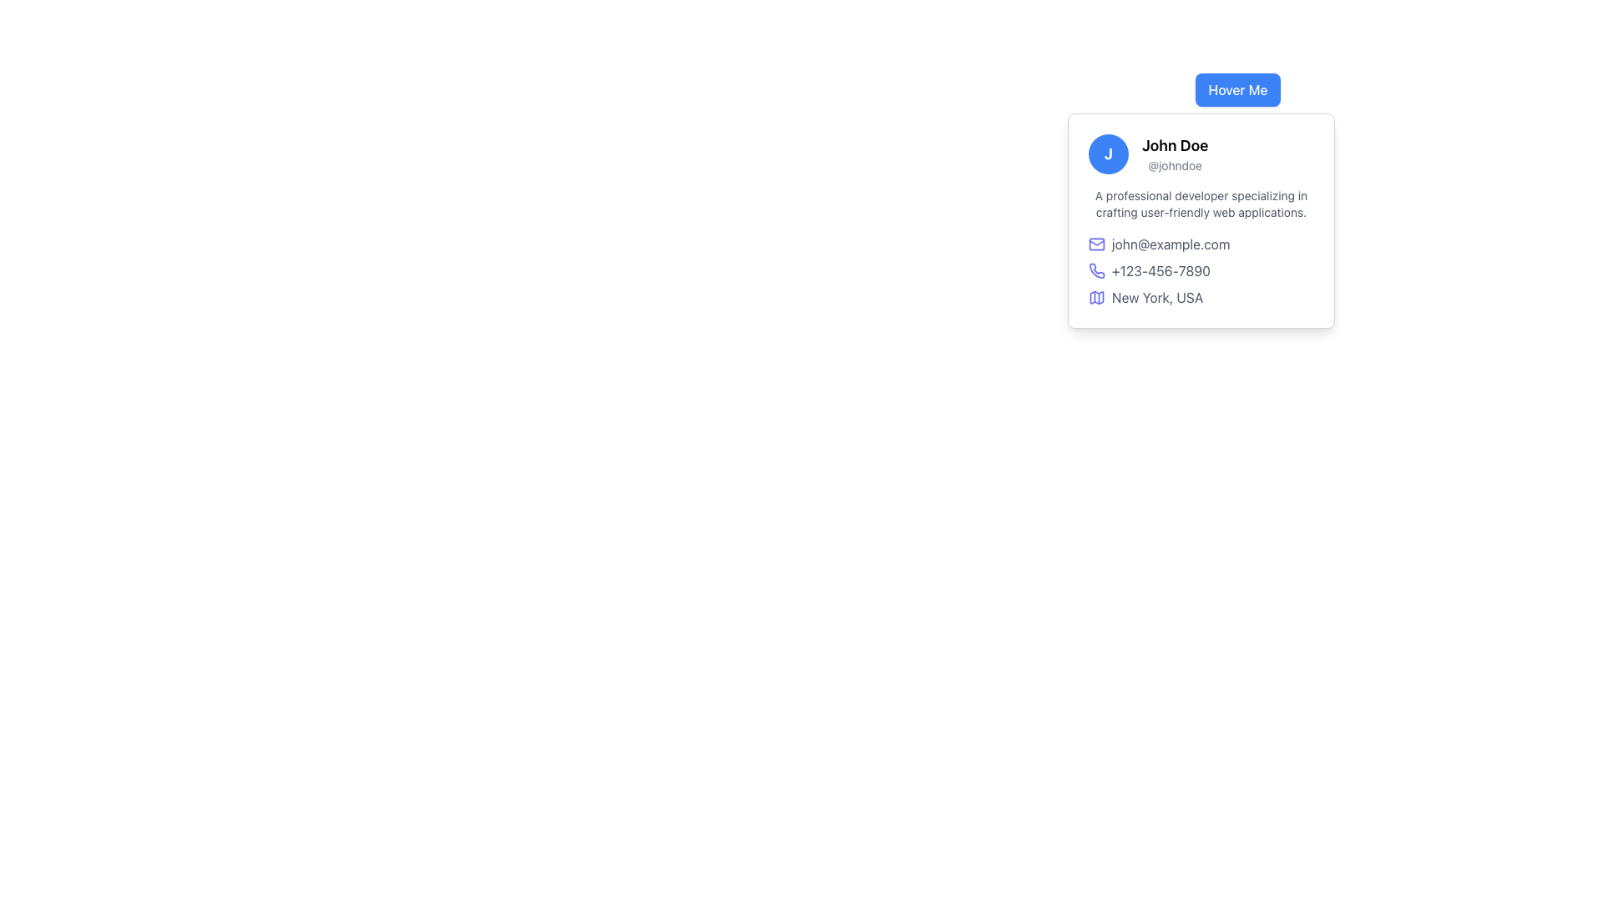  I want to click on the circular blue user avatar placeholder with a white letter 'J' in its center to interact, so click(1109, 154).